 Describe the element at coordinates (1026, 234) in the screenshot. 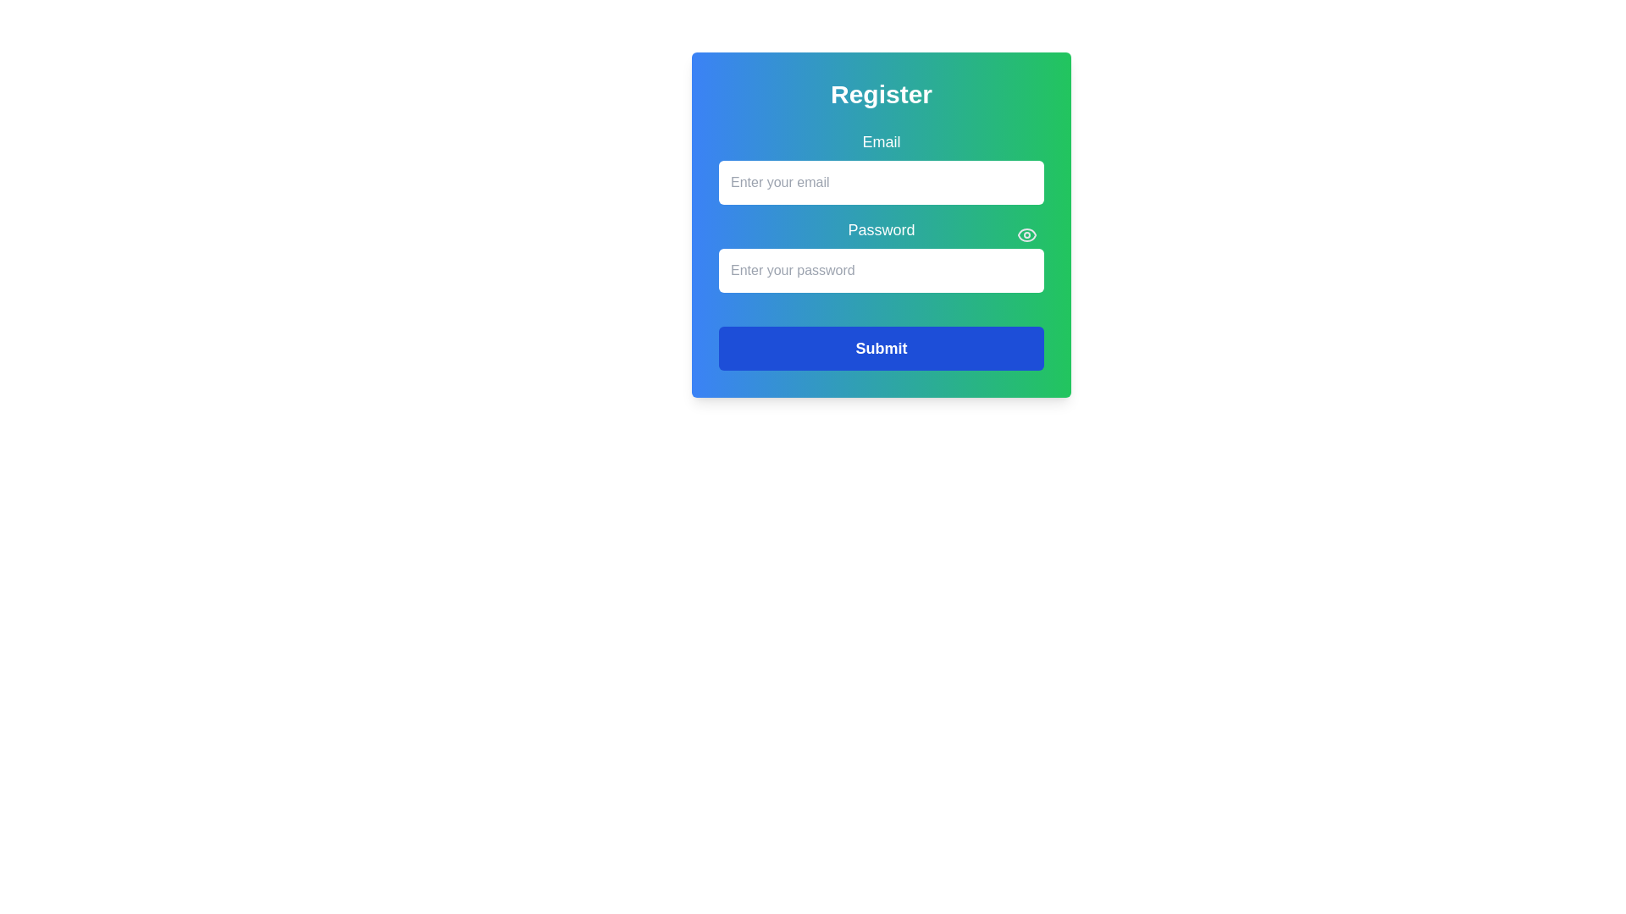

I see `the circular eye-shaped button with a gray outline and central pupil located at the top-right corner of the Password field` at that location.